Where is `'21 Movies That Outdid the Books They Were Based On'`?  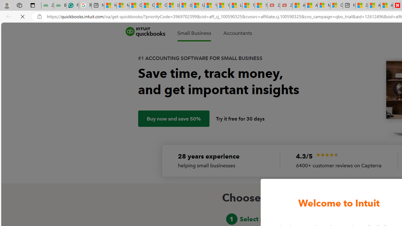 '21 Movies That Outdid the Books They Were Based On' is located at coordinates (286, 5).